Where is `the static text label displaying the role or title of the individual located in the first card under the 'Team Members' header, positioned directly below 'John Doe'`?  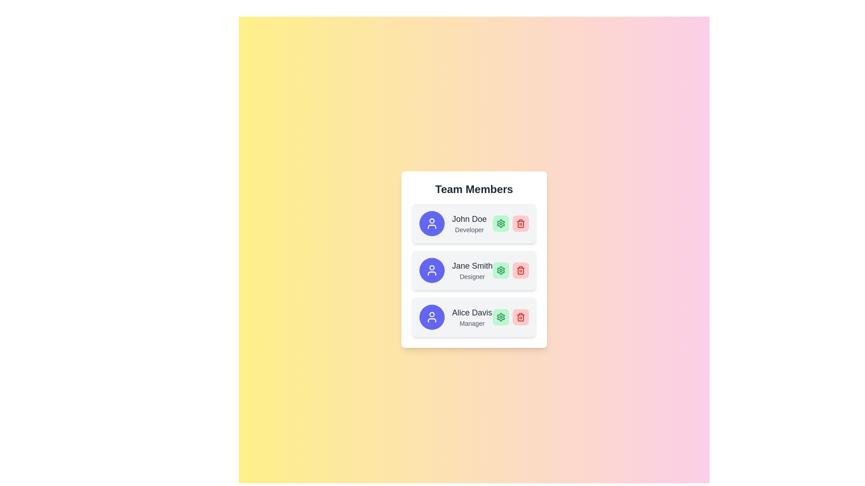 the static text label displaying the role or title of the individual located in the first card under the 'Team Members' header, positioned directly below 'John Doe' is located at coordinates (469, 229).